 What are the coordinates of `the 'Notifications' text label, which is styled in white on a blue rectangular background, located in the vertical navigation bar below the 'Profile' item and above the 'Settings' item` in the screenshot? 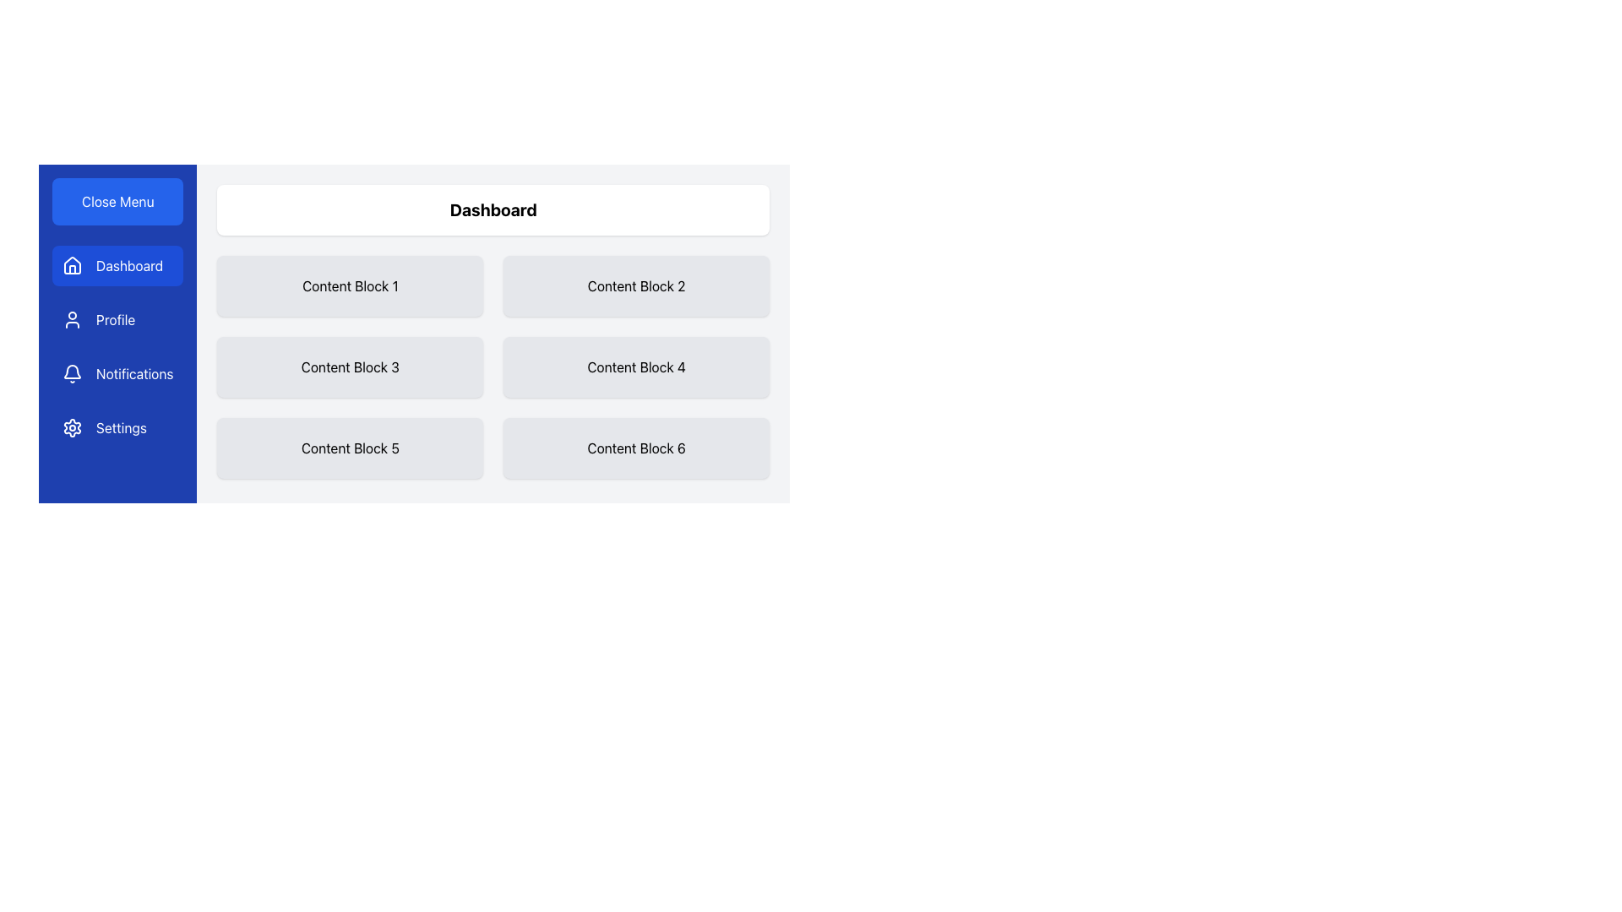 It's located at (133, 373).